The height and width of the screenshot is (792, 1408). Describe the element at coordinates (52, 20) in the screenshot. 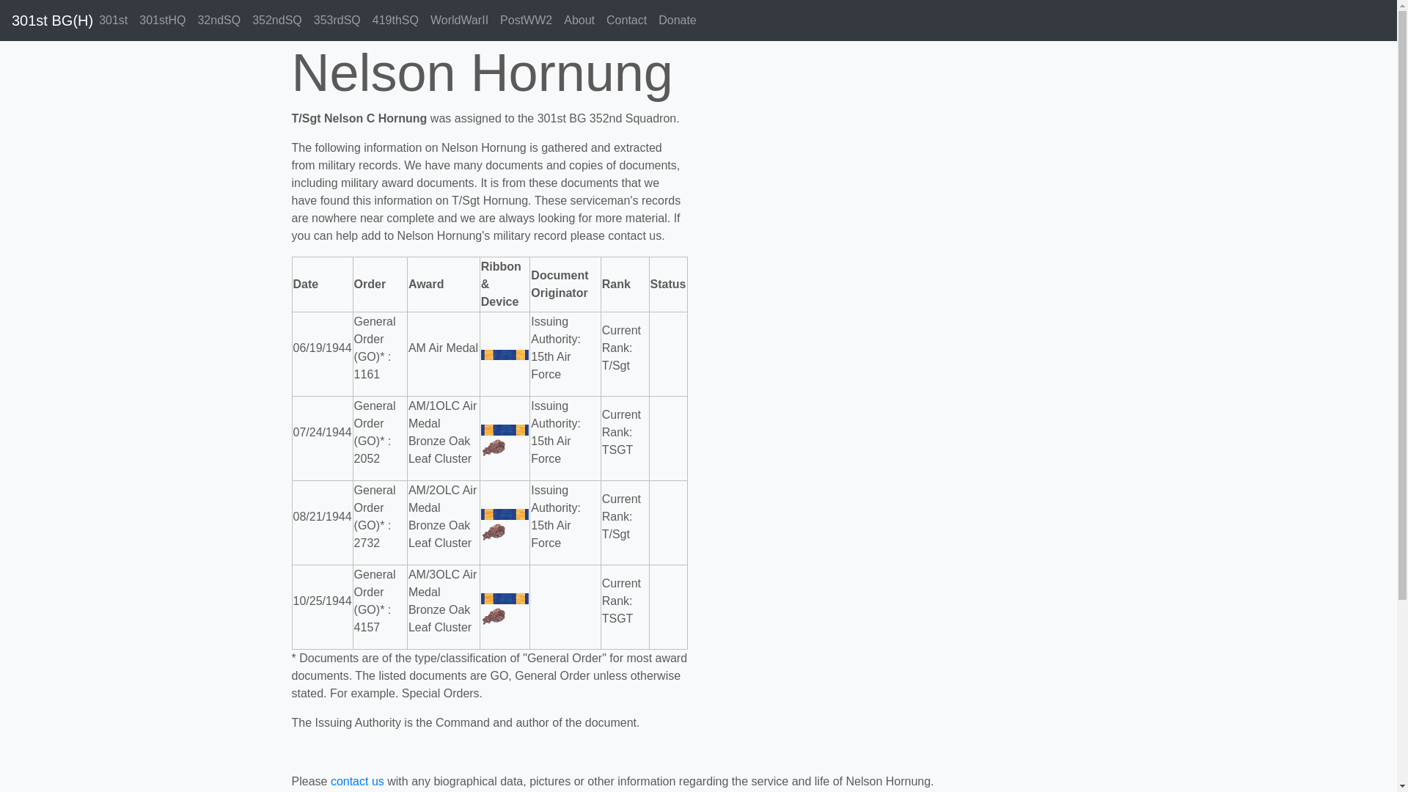

I see `'301st BG(H)'` at that location.